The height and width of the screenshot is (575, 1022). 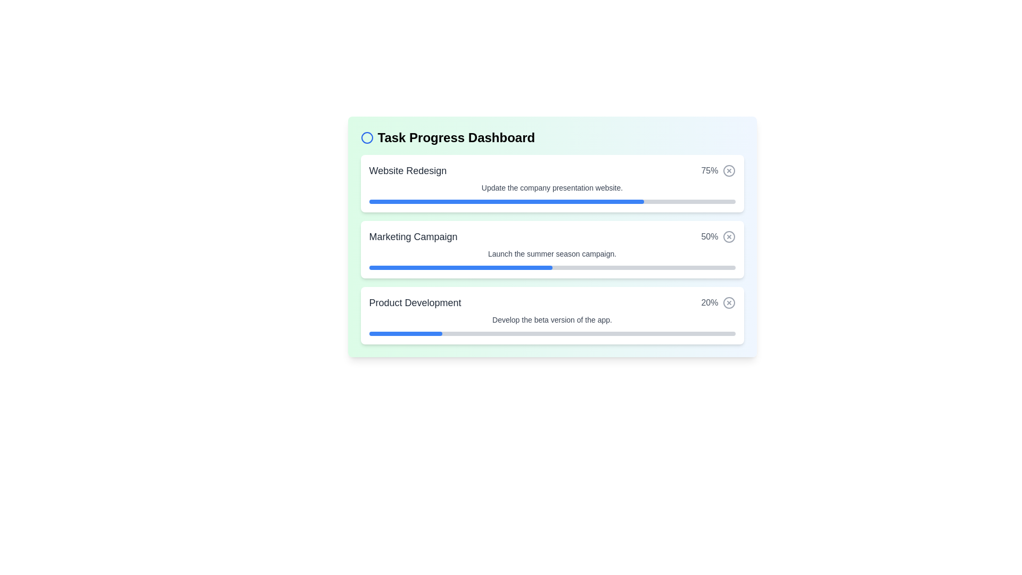 I want to click on percentage value displayed in the medium-dark gray text label showing '20%' located in the third task block of the dashboard, next to the close icon, so click(x=710, y=303).